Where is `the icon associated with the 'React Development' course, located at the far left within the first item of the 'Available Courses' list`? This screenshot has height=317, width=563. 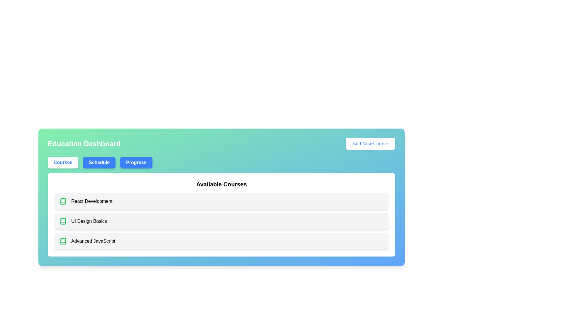 the icon associated with the 'React Development' course, located at the far left within the first item of the 'Available Courses' list is located at coordinates (63, 201).